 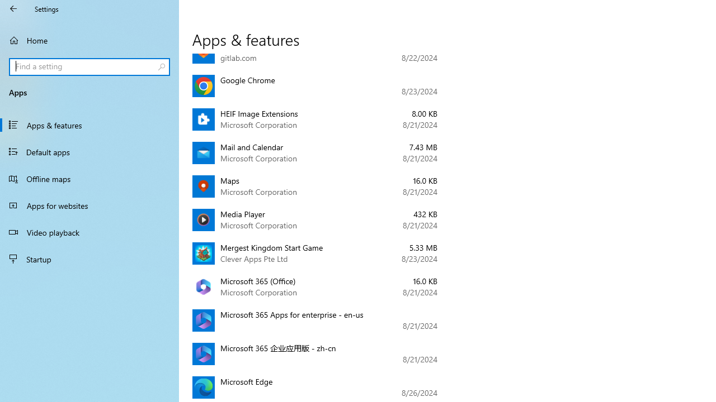 I want to click on 'Video playback', so click(x=89, y=231).